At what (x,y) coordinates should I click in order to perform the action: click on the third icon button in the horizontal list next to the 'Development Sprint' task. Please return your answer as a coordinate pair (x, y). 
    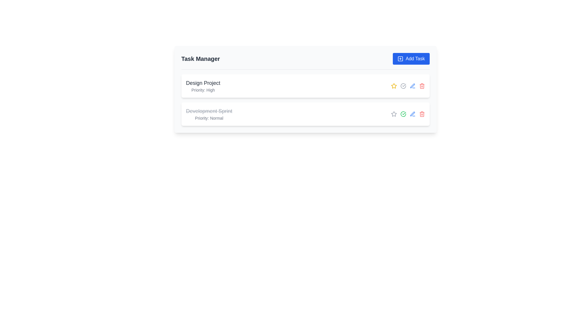
    Looking at the image, I should click on (403, 114).